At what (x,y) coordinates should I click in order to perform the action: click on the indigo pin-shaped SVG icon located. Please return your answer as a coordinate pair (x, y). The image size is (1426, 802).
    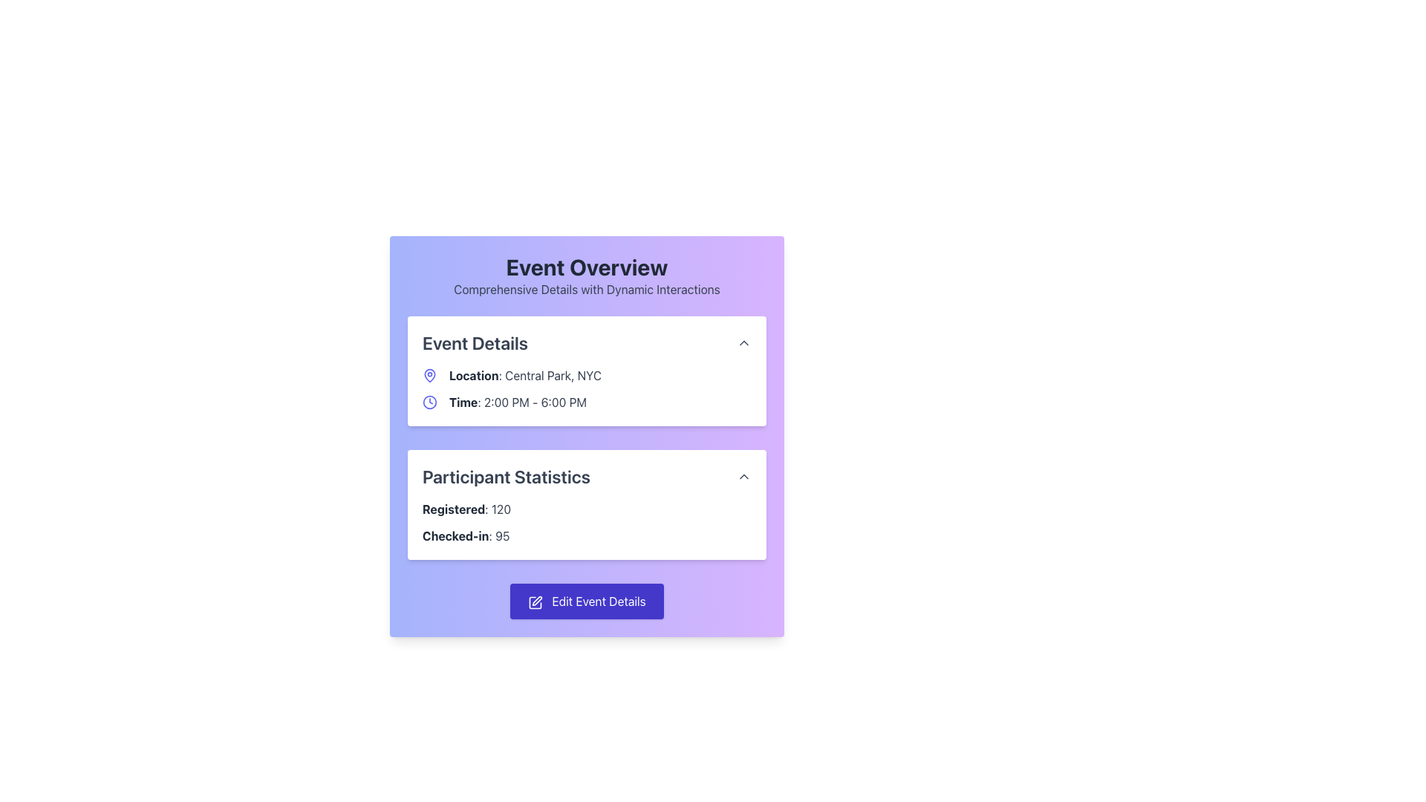
    Looking at the image, I should click on (429, 374).